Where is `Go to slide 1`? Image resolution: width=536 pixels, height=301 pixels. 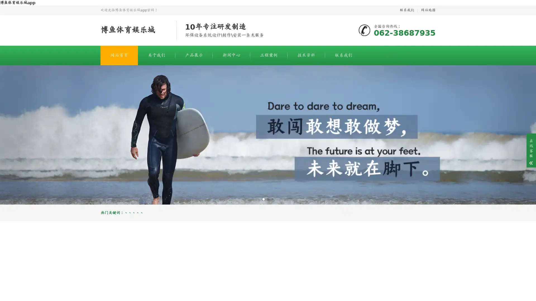 Go to slide 1 is located at coordinates (263, 199).